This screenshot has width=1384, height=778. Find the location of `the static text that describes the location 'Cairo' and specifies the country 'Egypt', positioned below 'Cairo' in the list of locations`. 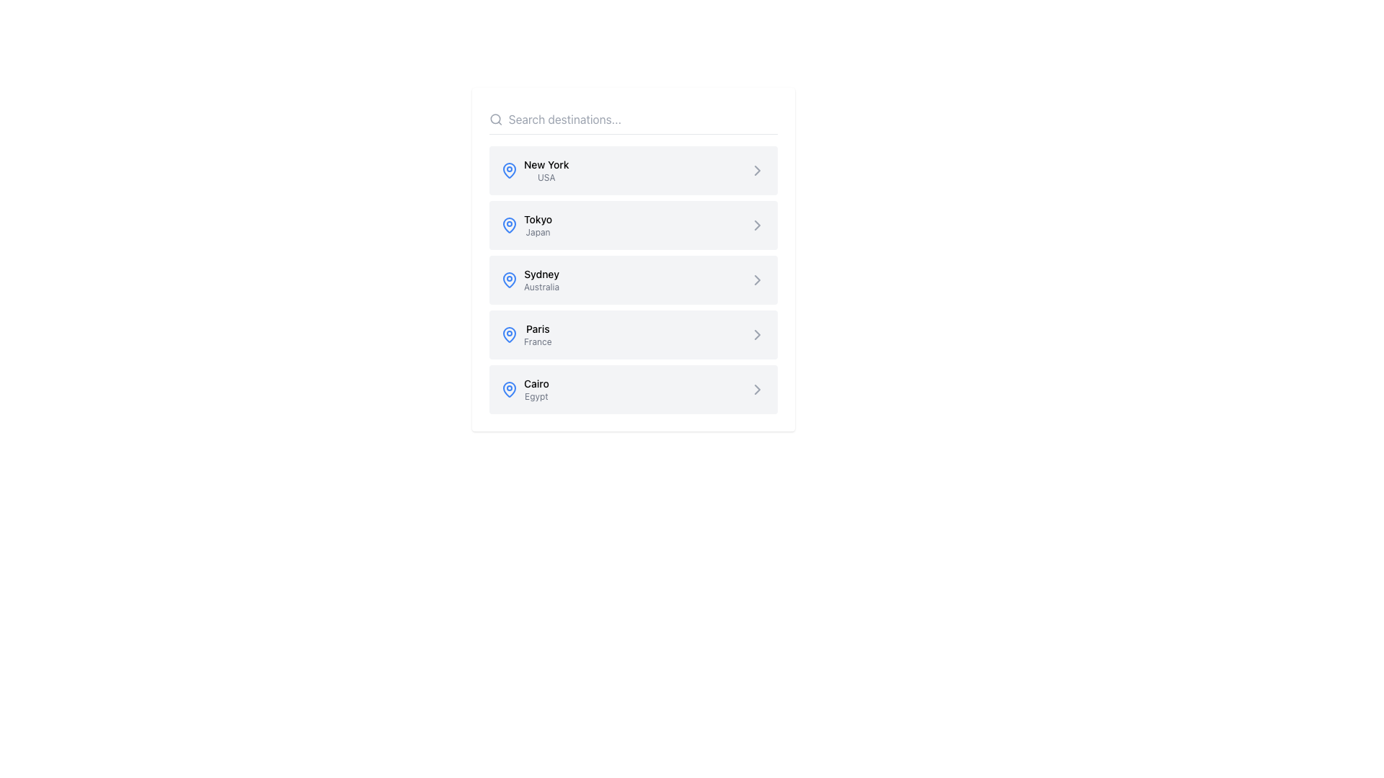

the static text that describes the location 'Cairo' and specifies the country 'Egypt', positioned below 'Cairo' in the list of locations is located at coordinates (536, 397).